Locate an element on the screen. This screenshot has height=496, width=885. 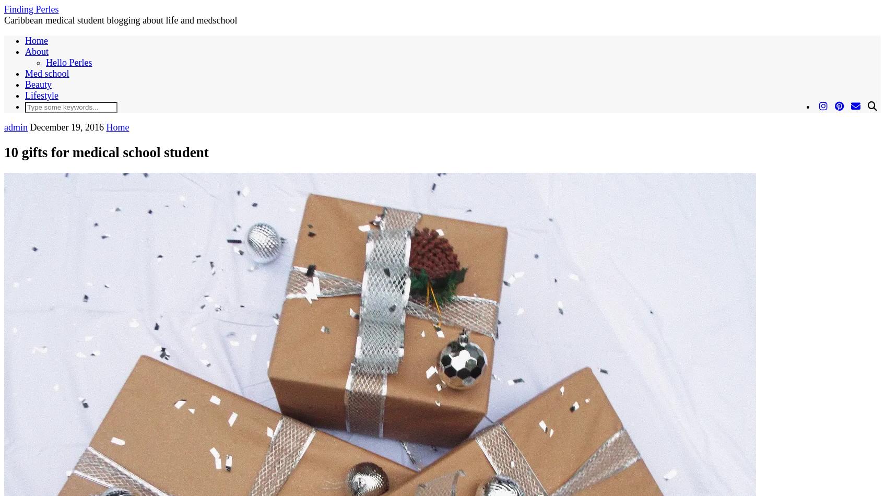
'Finding Perles' is located at coordinates (31, 9).